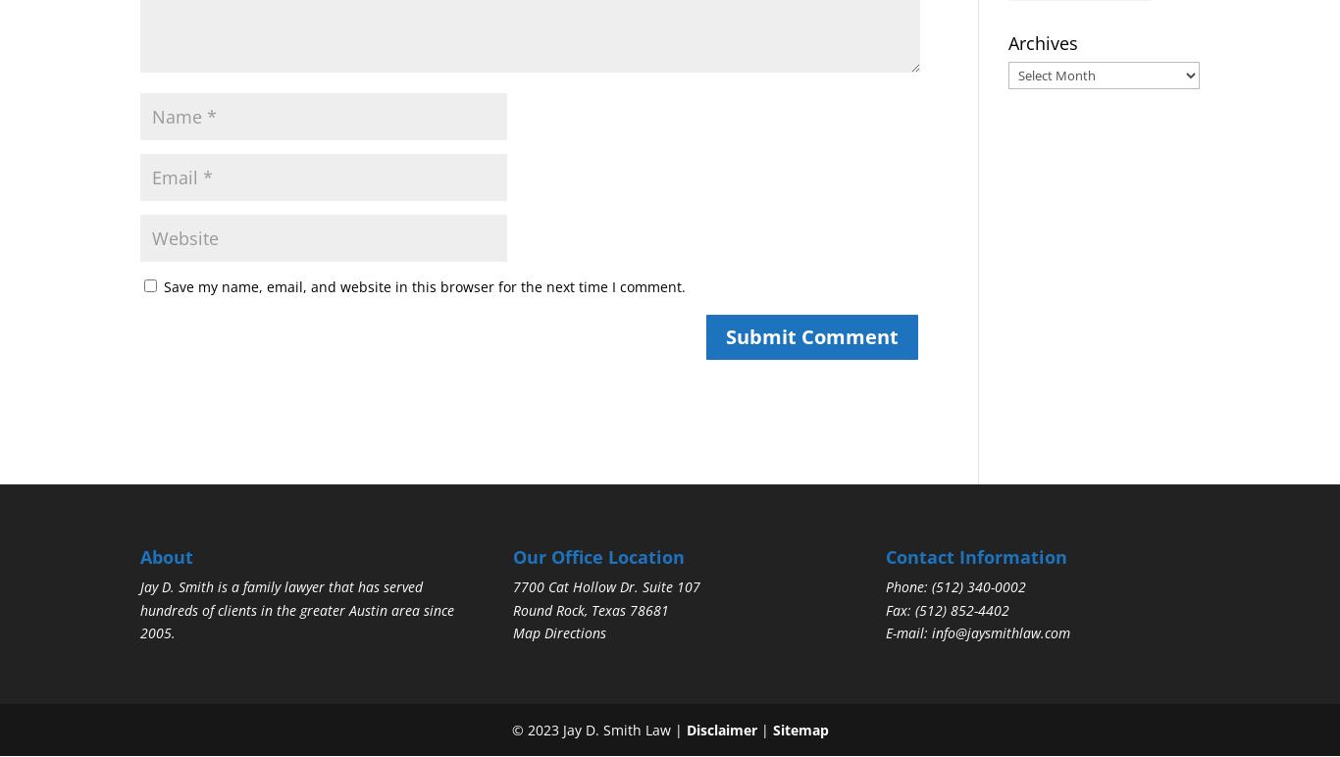  I want to click on 'Sitemap', so click(799, 728).